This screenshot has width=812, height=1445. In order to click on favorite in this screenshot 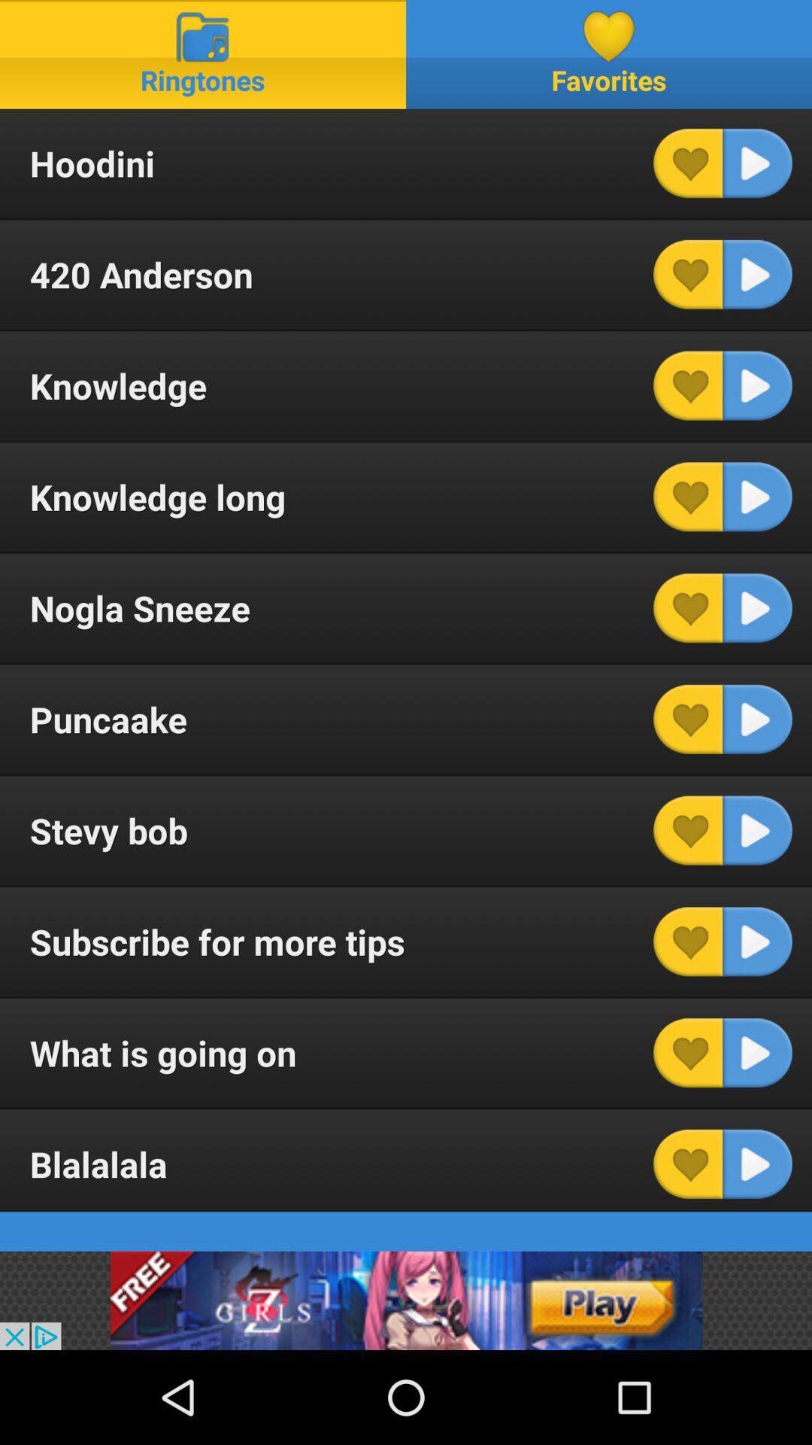, I will do `click(688, 274)`.